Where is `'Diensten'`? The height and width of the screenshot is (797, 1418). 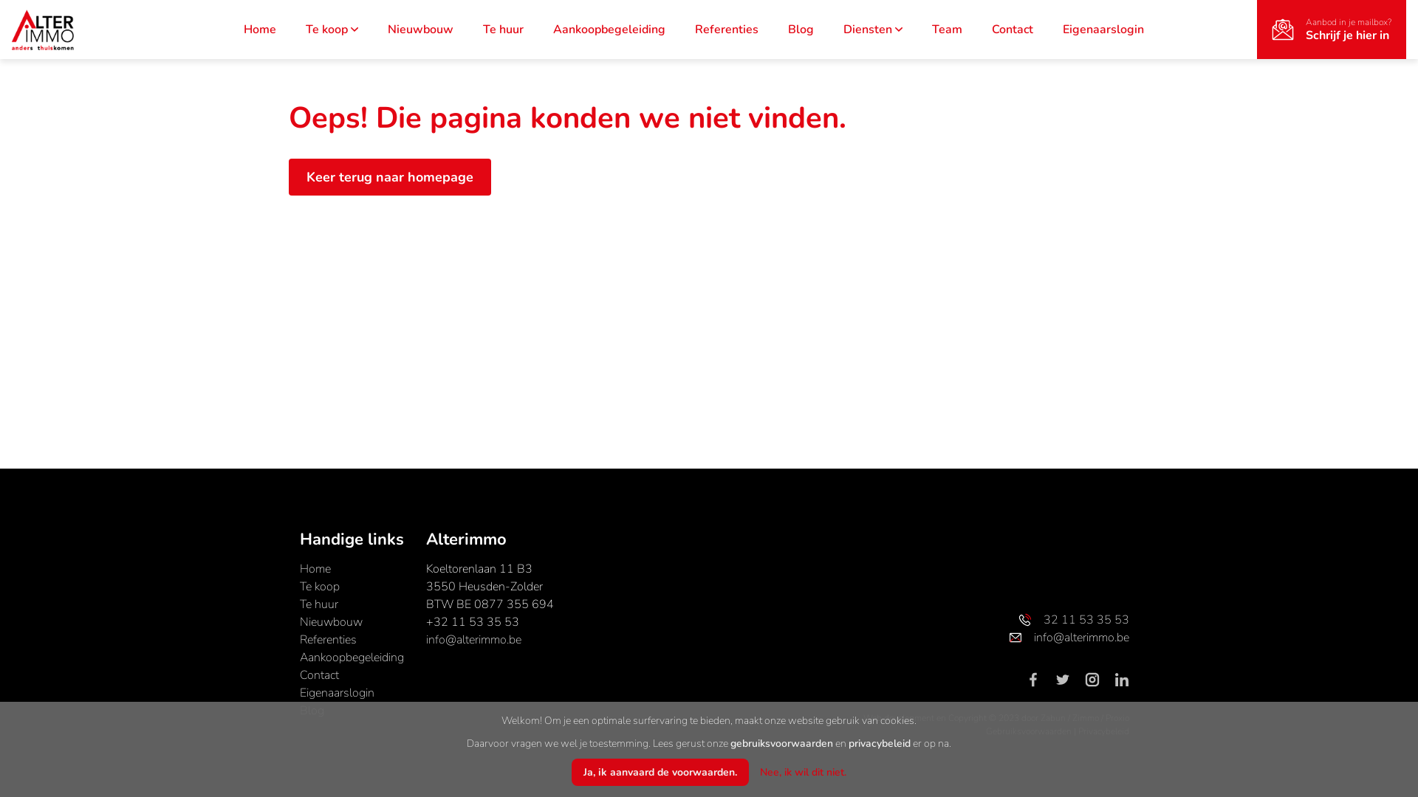 'Diensten' is located at coordinates (843, 29).